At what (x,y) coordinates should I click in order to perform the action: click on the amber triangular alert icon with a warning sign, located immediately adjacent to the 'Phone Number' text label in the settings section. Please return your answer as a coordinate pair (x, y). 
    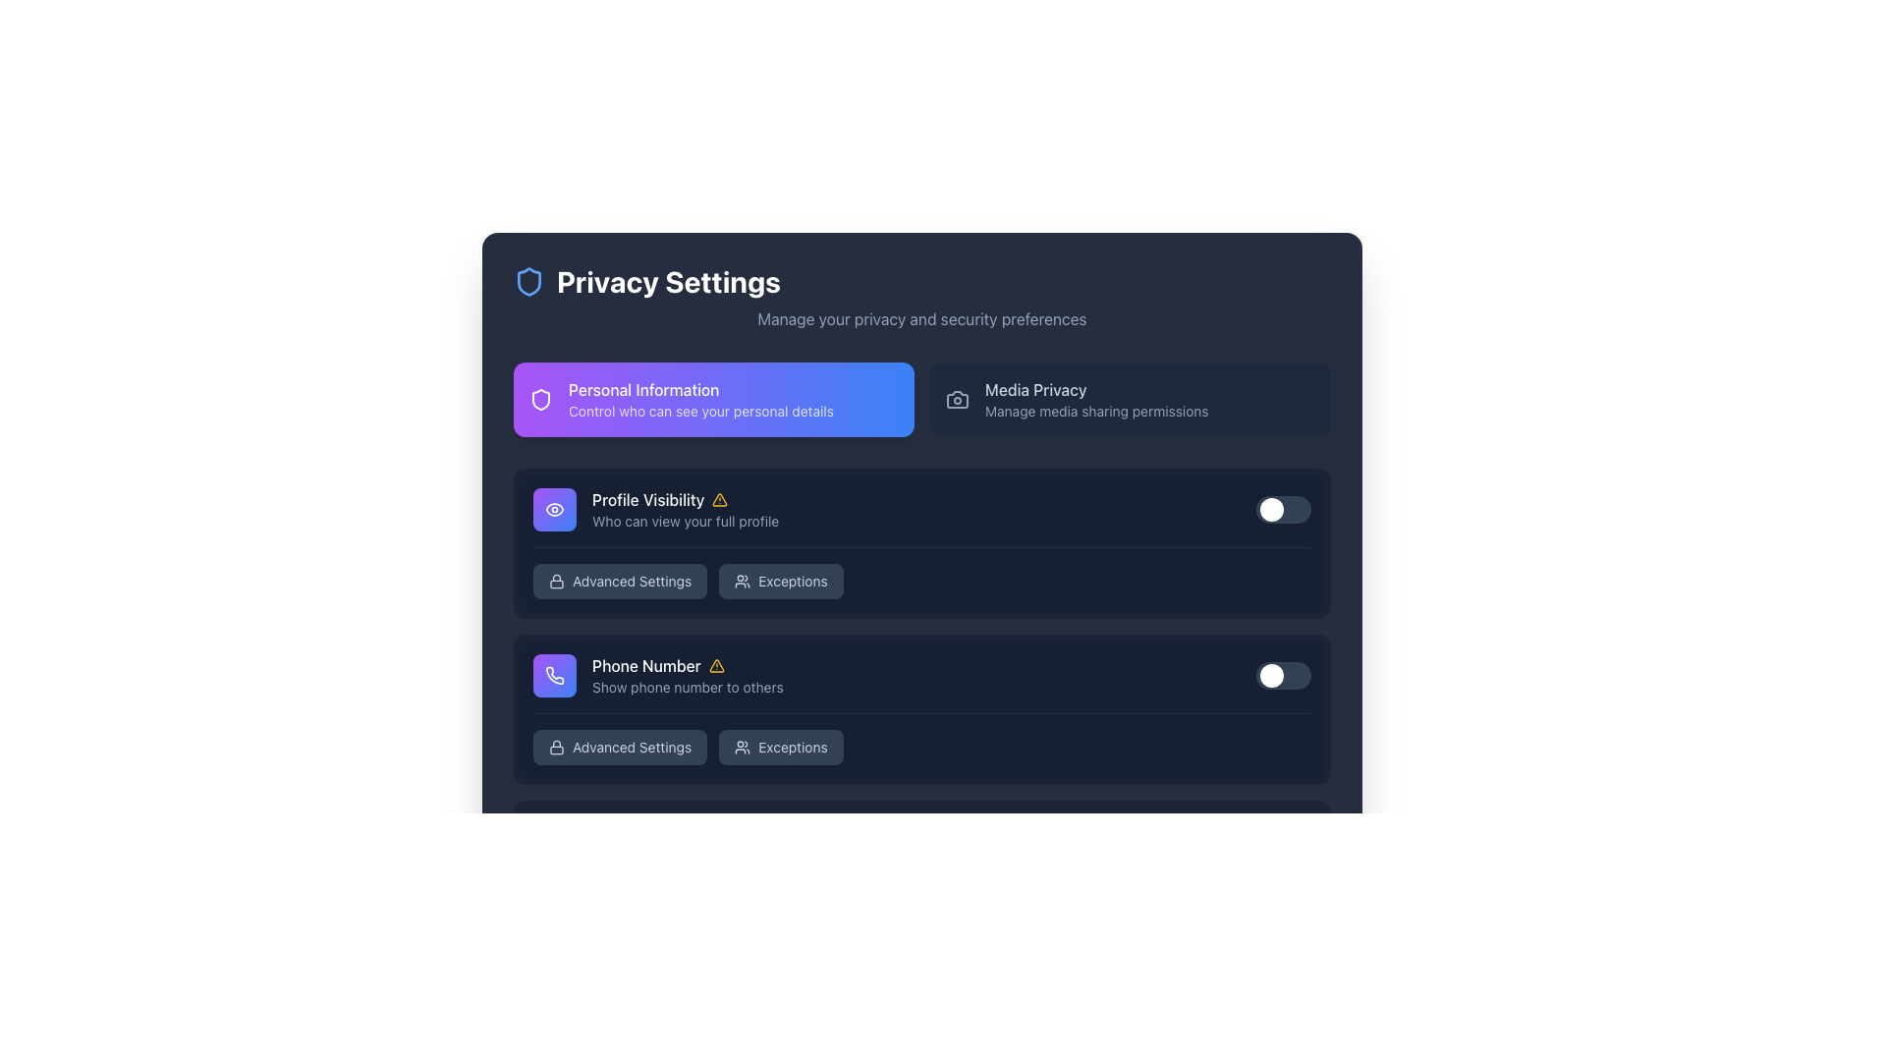
    Looking at the image, I should click on (715, 665).